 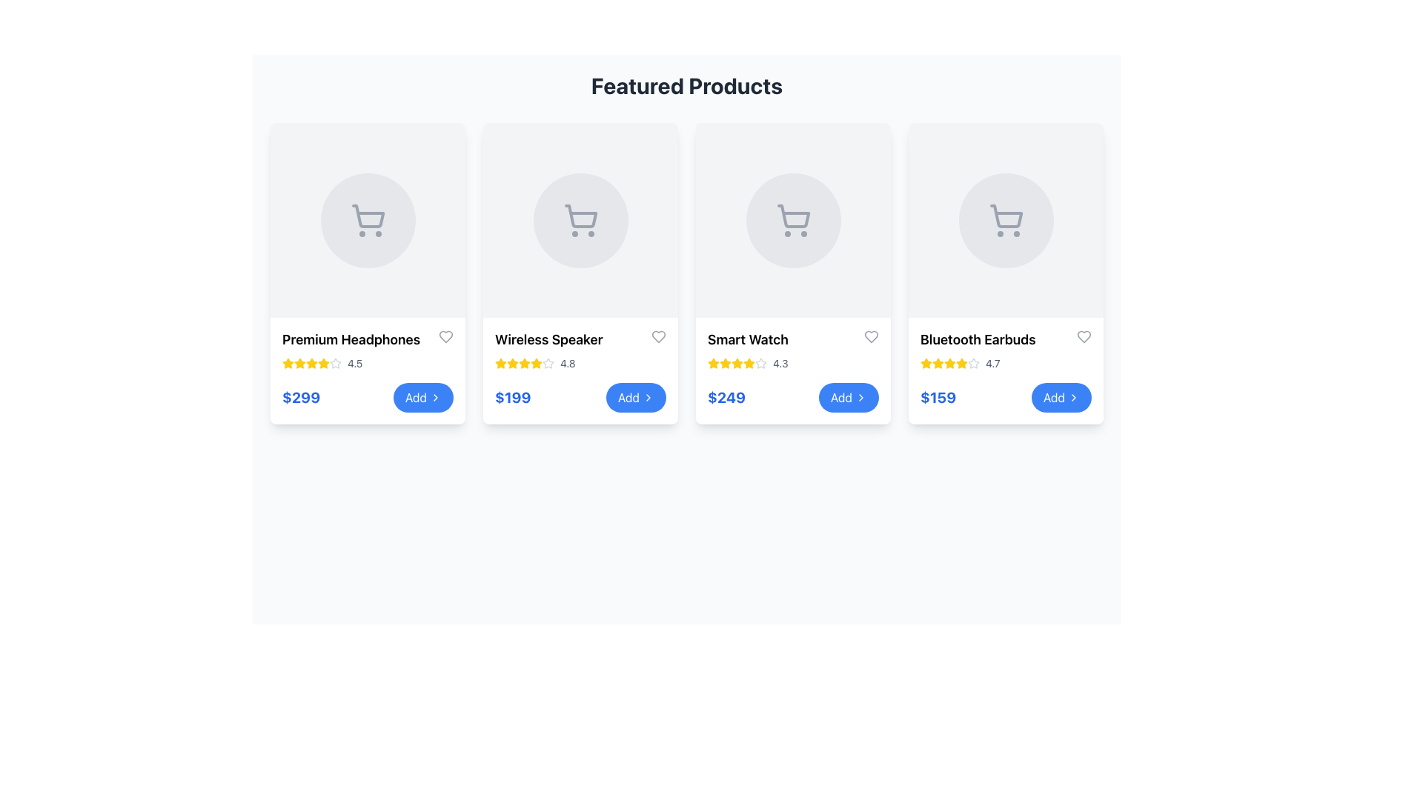 What do you see at coordinates (961, 363) in the screenshot?
I see `the sixth star icon in the rating system for the product 'Bluetooth Earbuds' located in the fourth card of the 'Featured Products' layout` at bounding box center [961, 363].